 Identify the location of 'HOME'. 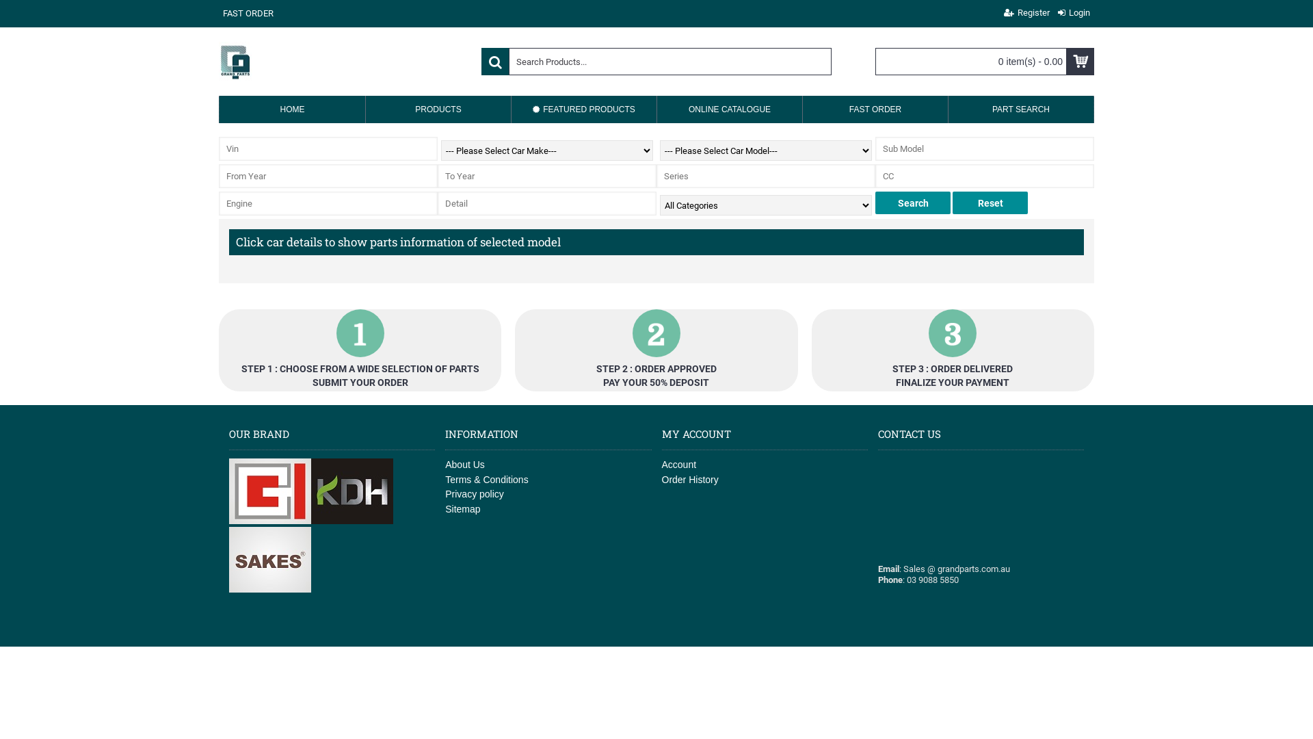
(291, 108).